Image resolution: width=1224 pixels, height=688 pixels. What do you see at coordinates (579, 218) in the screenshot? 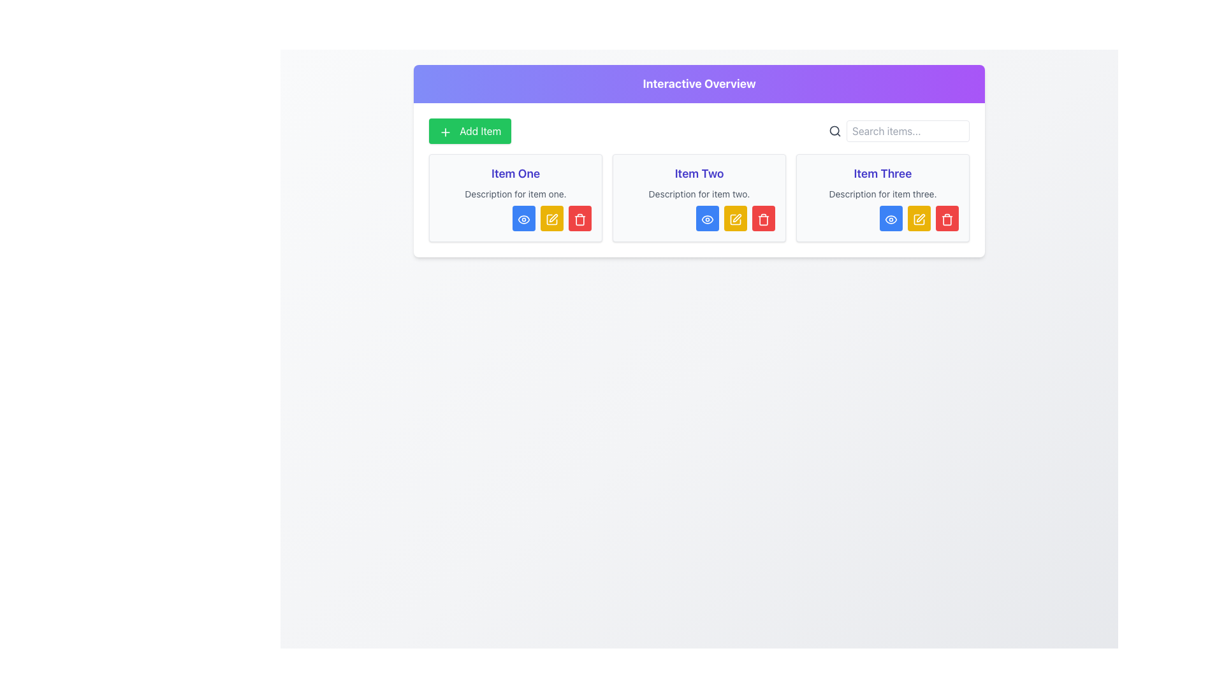
I see `the red rectangular button with a white trash can icon to trigger the hover effect that changes its background color to a darker red shade` at bounding box center [579, 218].